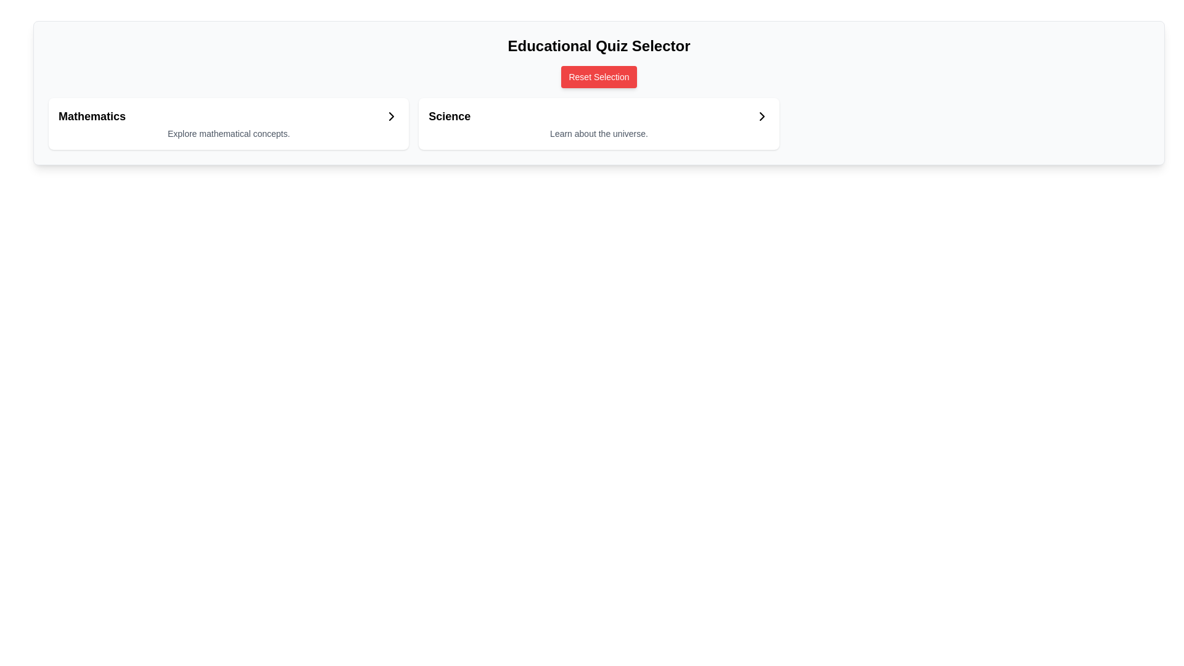 This screenshot has width=1184, height=666. What do you see at coordinates (761, 117) in the screenshot?
I see `the chevron icon located at the right edge of the 'Science' card, which serves as a visual indicator for navigation or actions` at bounding box center [761, 117].